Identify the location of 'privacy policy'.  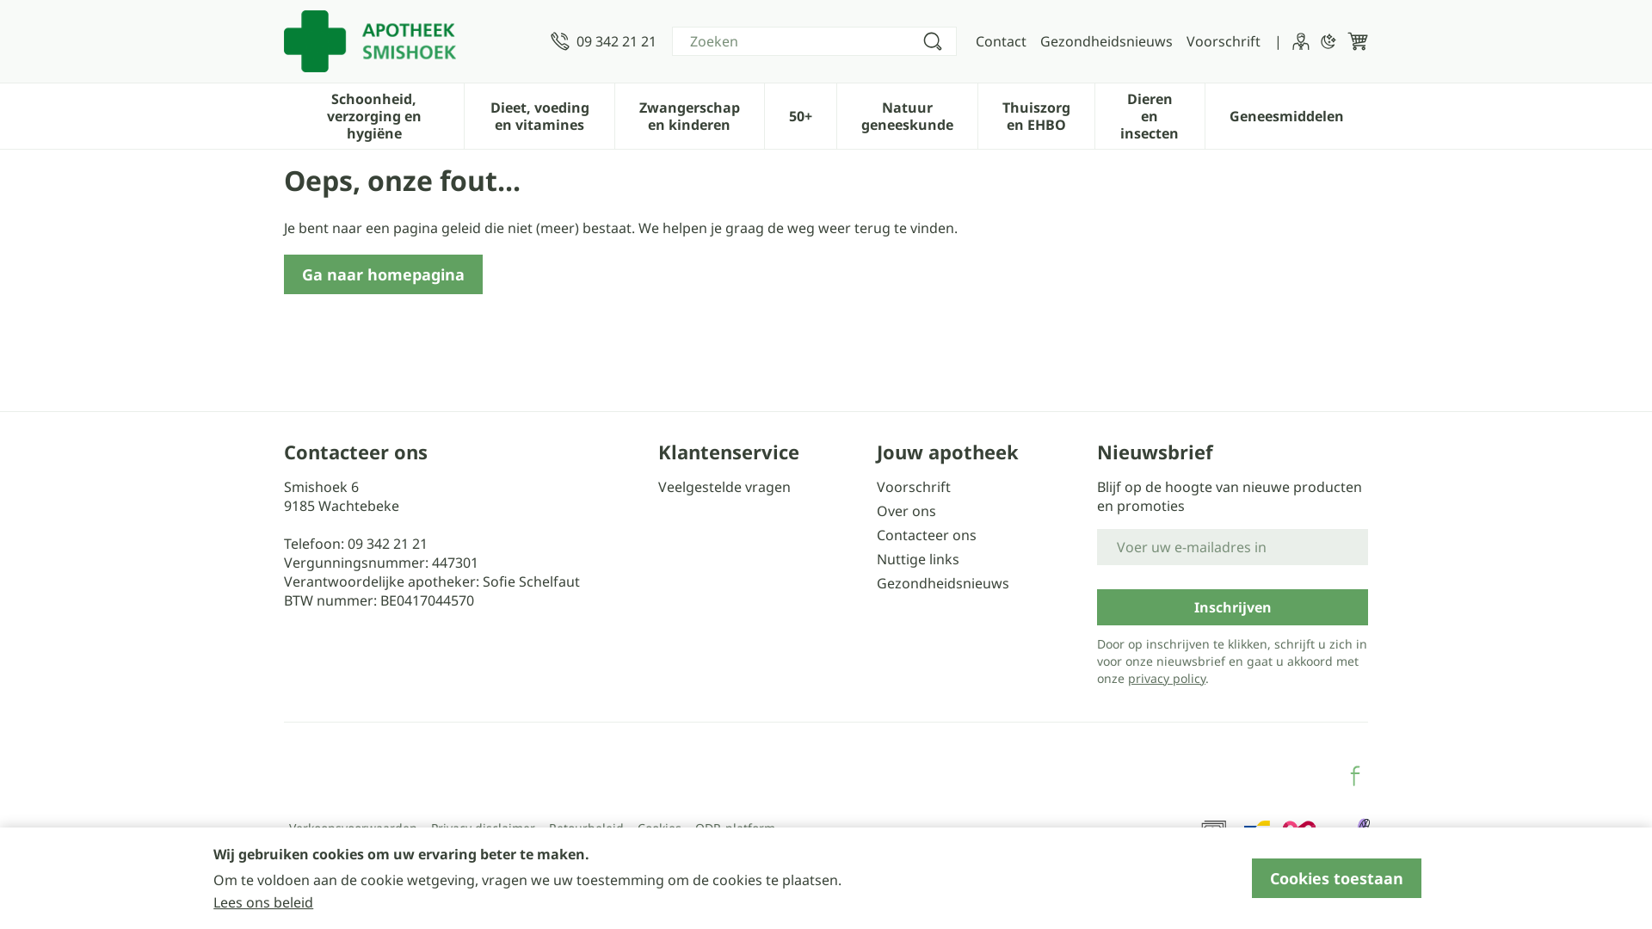
(1167, 677).